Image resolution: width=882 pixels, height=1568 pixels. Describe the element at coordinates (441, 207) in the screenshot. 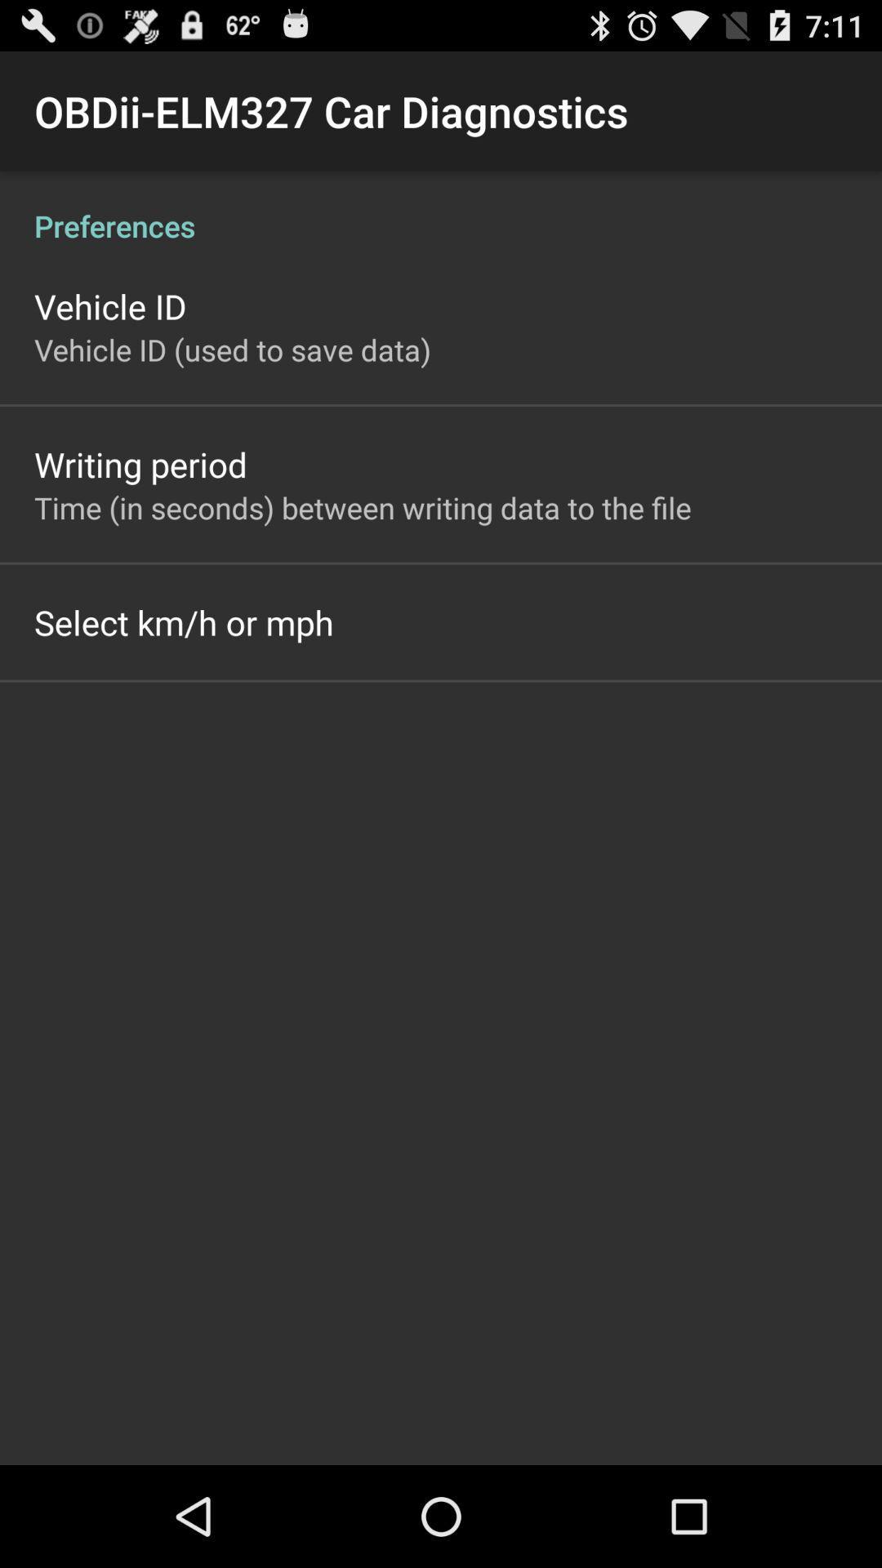

I see `the preferences icon` at that location.